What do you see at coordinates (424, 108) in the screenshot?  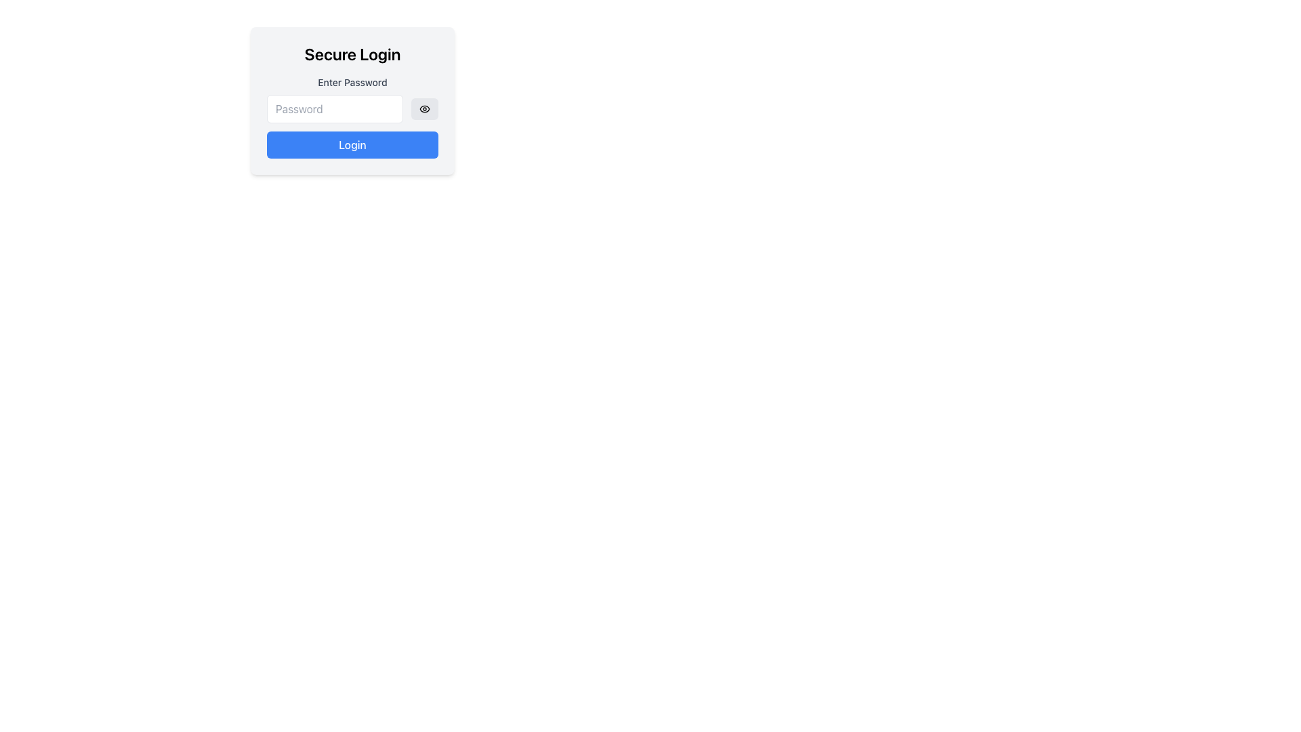 I see `the rounded rectangular button with a gray background and an eye icon` at bounding box center [424, 108].